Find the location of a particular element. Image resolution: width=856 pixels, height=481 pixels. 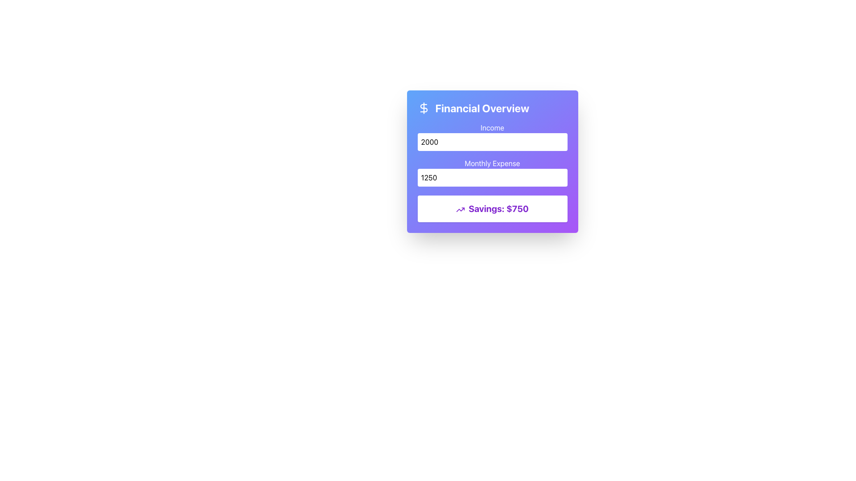

the dollar sign icon located in the header section of the 'Financial Overview' panel, positioned on the left side of the header text is located at coordinates (423, 108).